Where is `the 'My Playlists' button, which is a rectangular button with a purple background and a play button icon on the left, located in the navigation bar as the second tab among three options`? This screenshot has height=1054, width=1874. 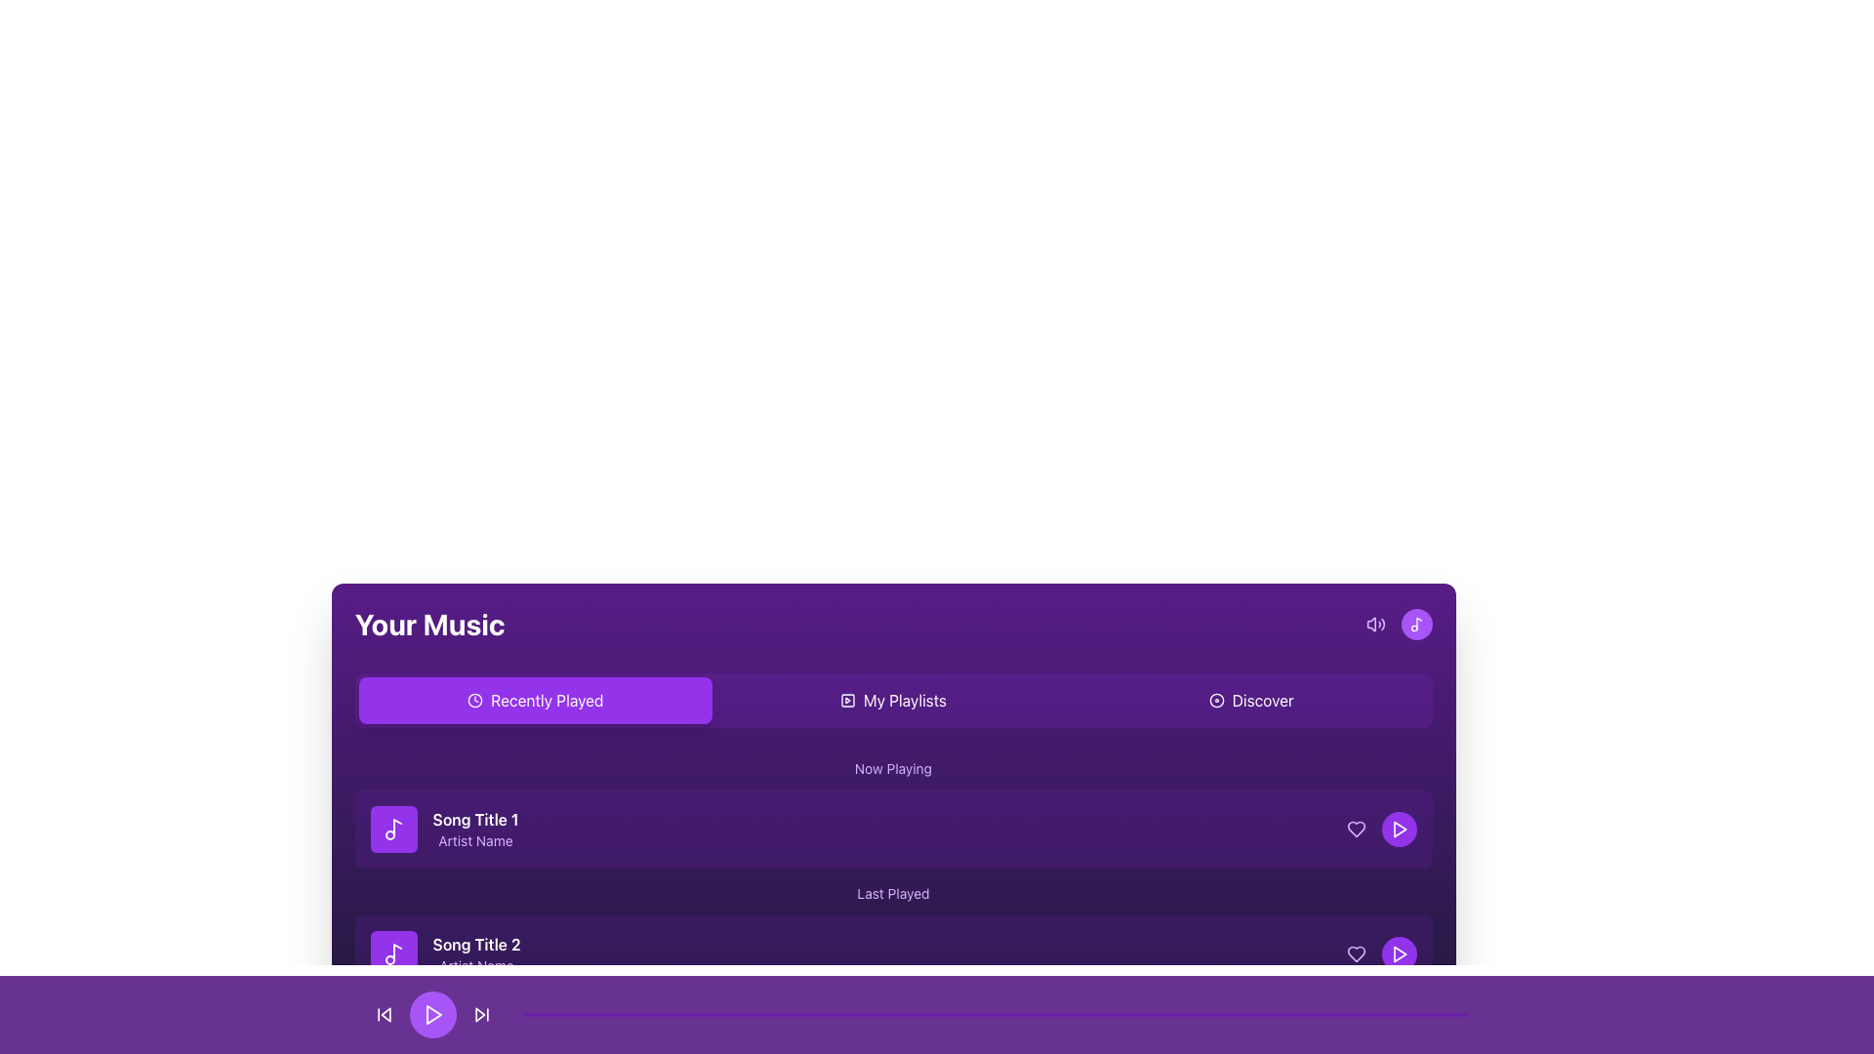
the 'My Playlists' button, which is a rectangular button with a purple background and a play button icon on the left, located in the navigation bar as the second tab among three options is located at coordinates (892, 699).